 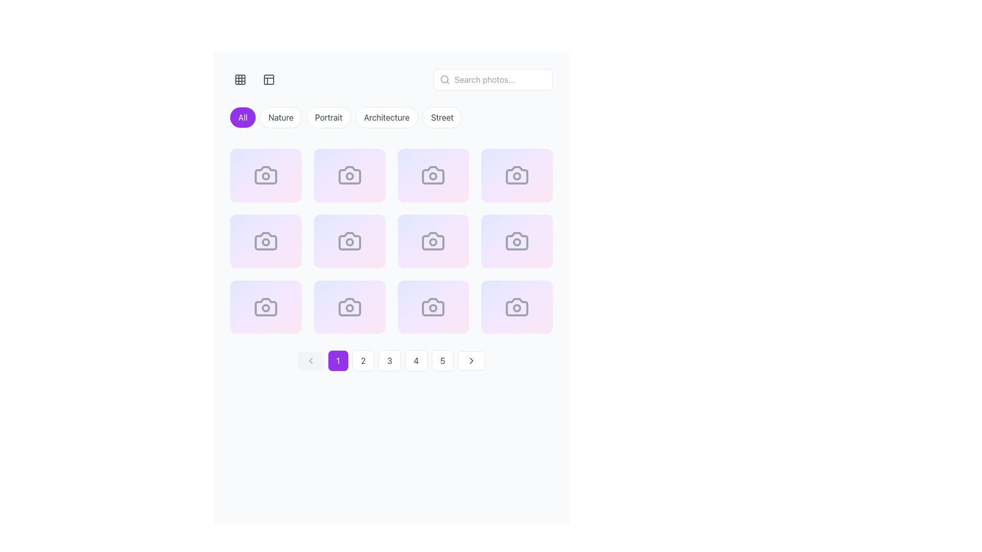 I want to click on the second camera icon in the grid layout, which serves as a decorative placeholder for an image or photo, so click(x=349, y=241).